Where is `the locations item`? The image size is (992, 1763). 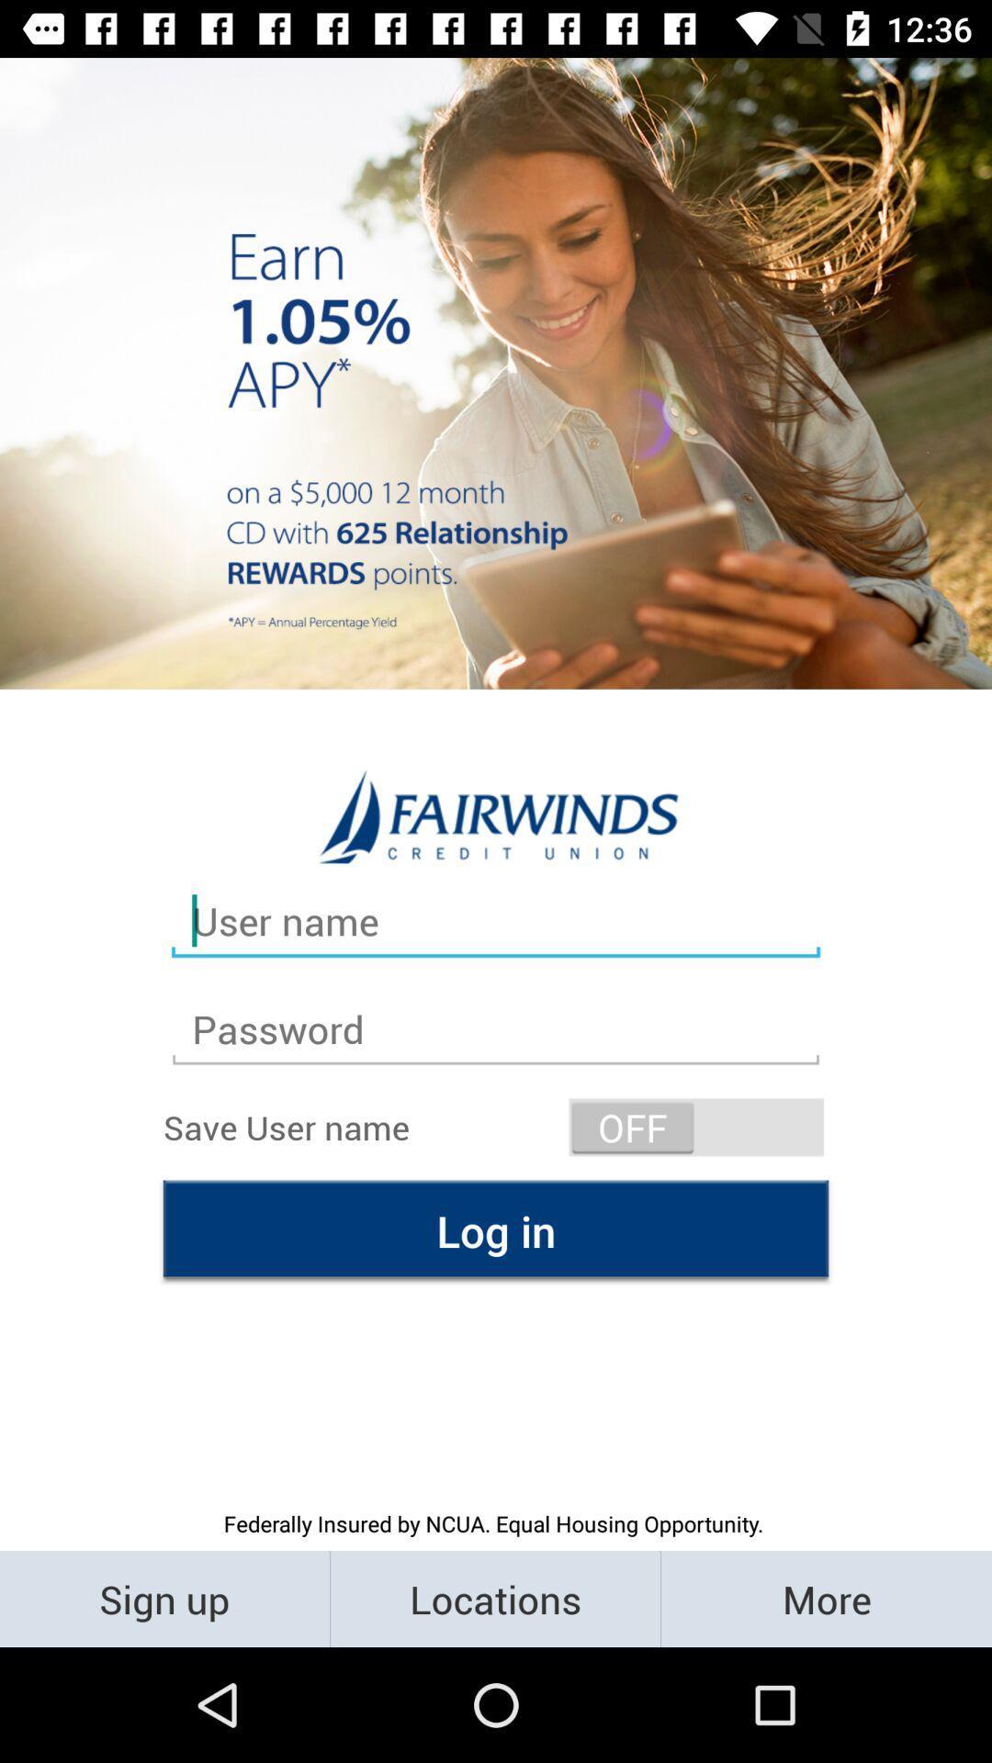
the locations item is located at coordinates (494, 1598).